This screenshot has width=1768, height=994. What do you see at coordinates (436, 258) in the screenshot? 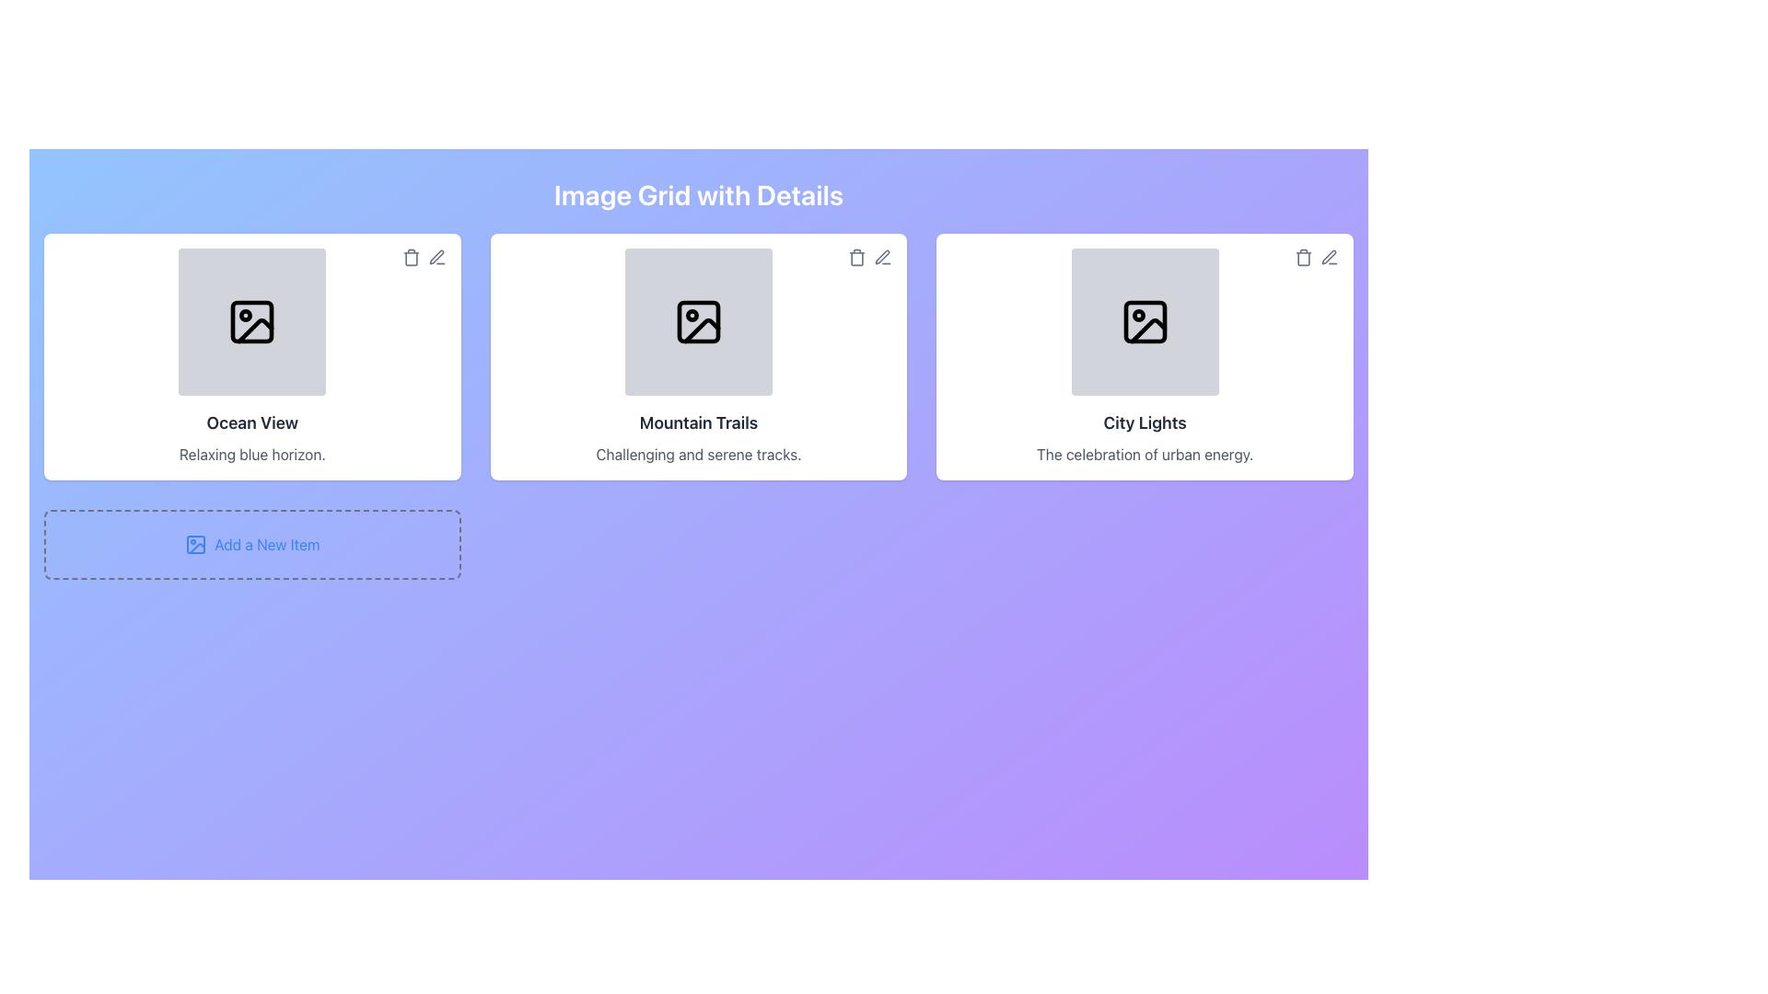
I see `the pen-shaped icon button located in the top-right corner of the 'Ocean View' image card` at bounding box center [436, 258].